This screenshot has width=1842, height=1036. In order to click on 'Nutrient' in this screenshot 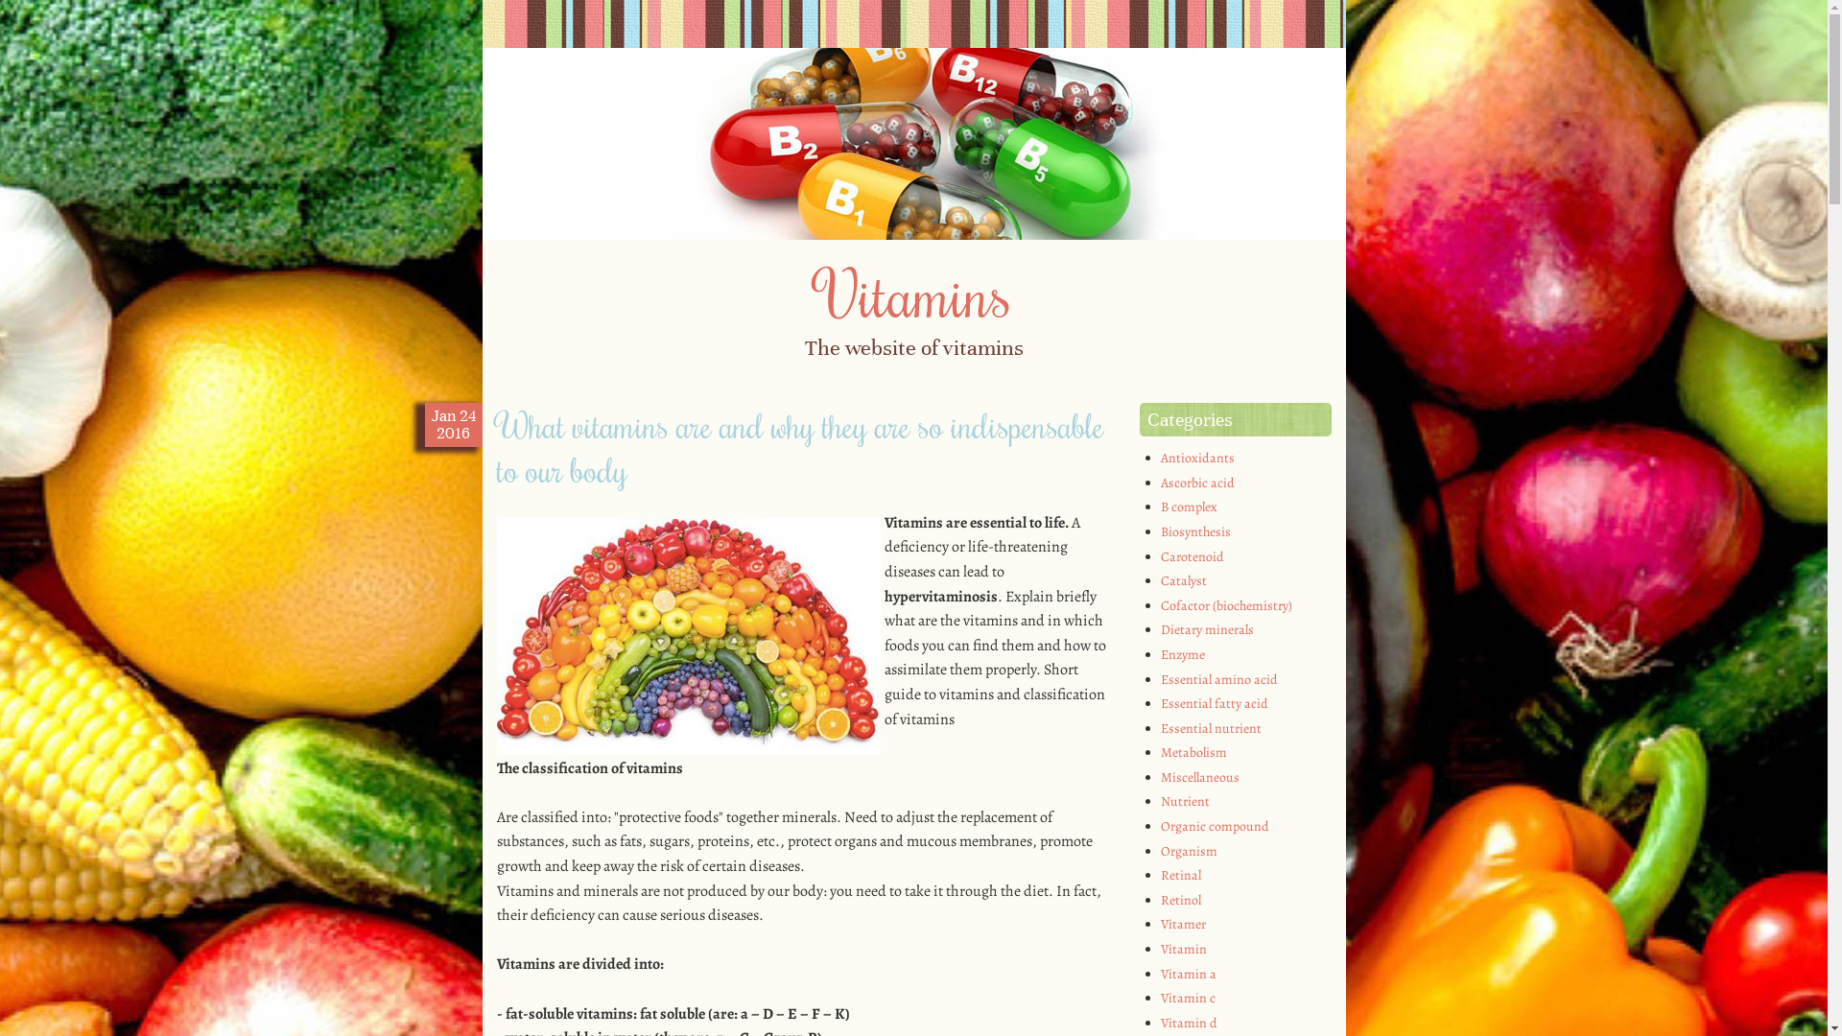, I will do `click(1184, 801)`.